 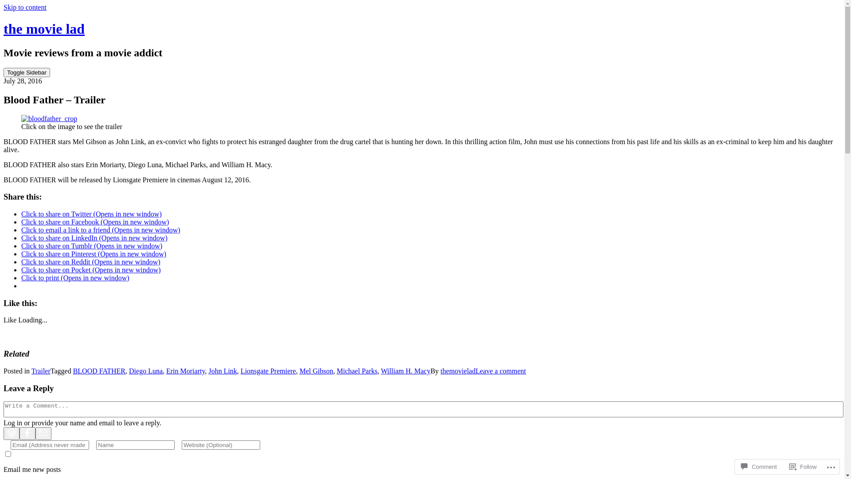 I want to click on 'Click to share on Twitter (Opens in new window)', so click(x=91, y=214).